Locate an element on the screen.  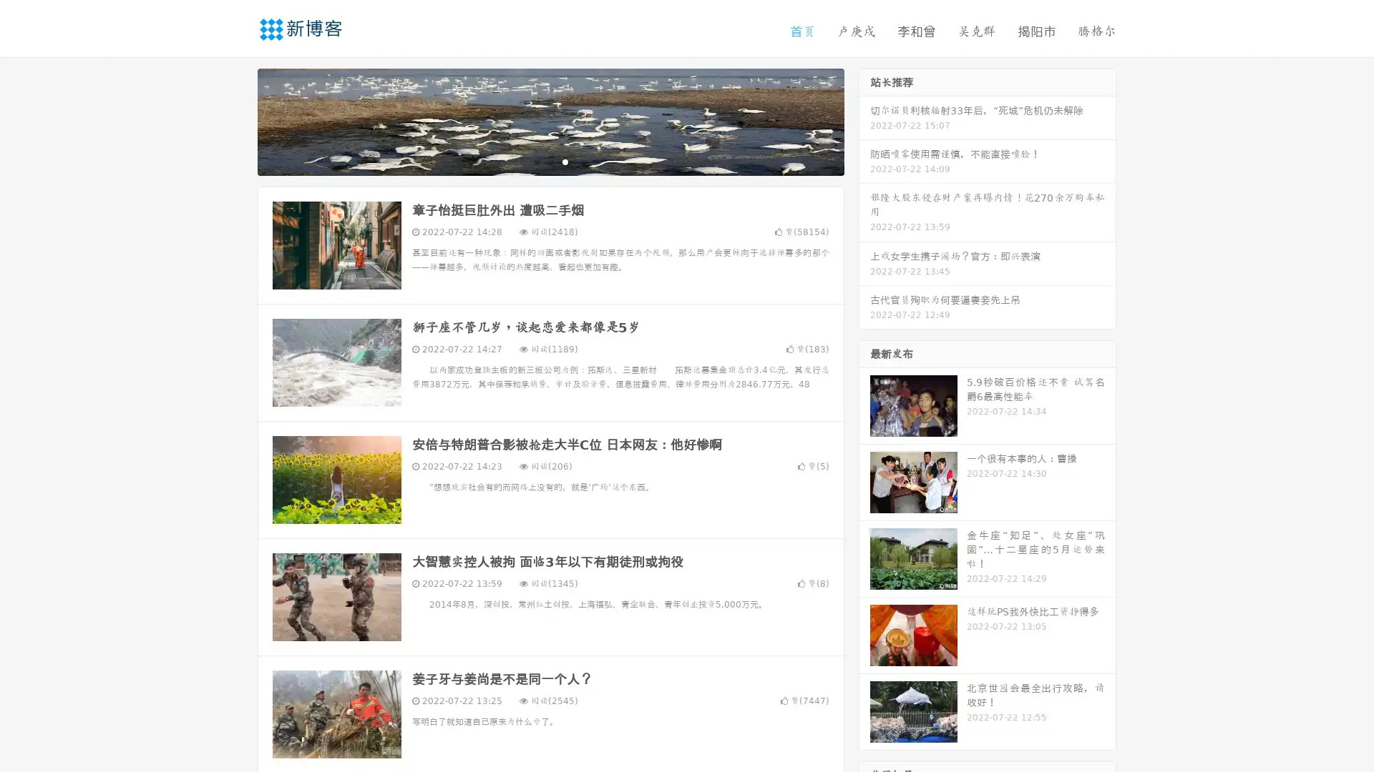
Previous slide is located at coordinates (236, 120).